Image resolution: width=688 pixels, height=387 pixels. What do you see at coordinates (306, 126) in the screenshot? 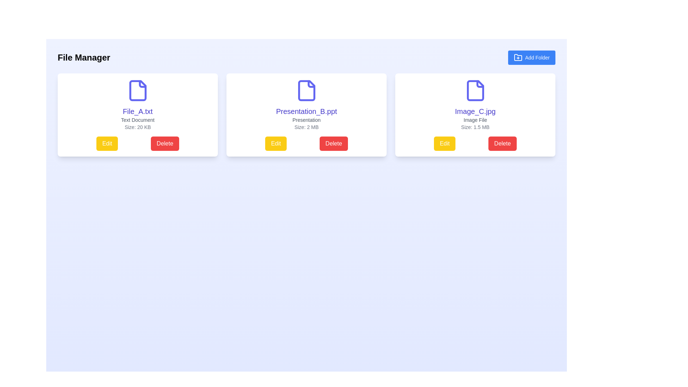
I see `the text label displaying 'Size: 2 MB', which is positioned below the 'Presentation' text in the second file card of the grid layout` at bounding box center [306, 126].